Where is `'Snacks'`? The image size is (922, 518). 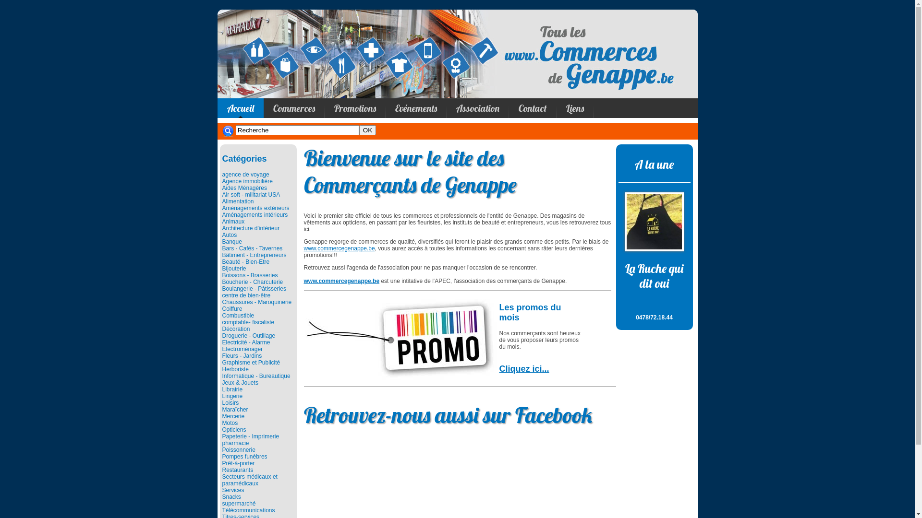
'Snacks' is located at coordinates (231, 496).